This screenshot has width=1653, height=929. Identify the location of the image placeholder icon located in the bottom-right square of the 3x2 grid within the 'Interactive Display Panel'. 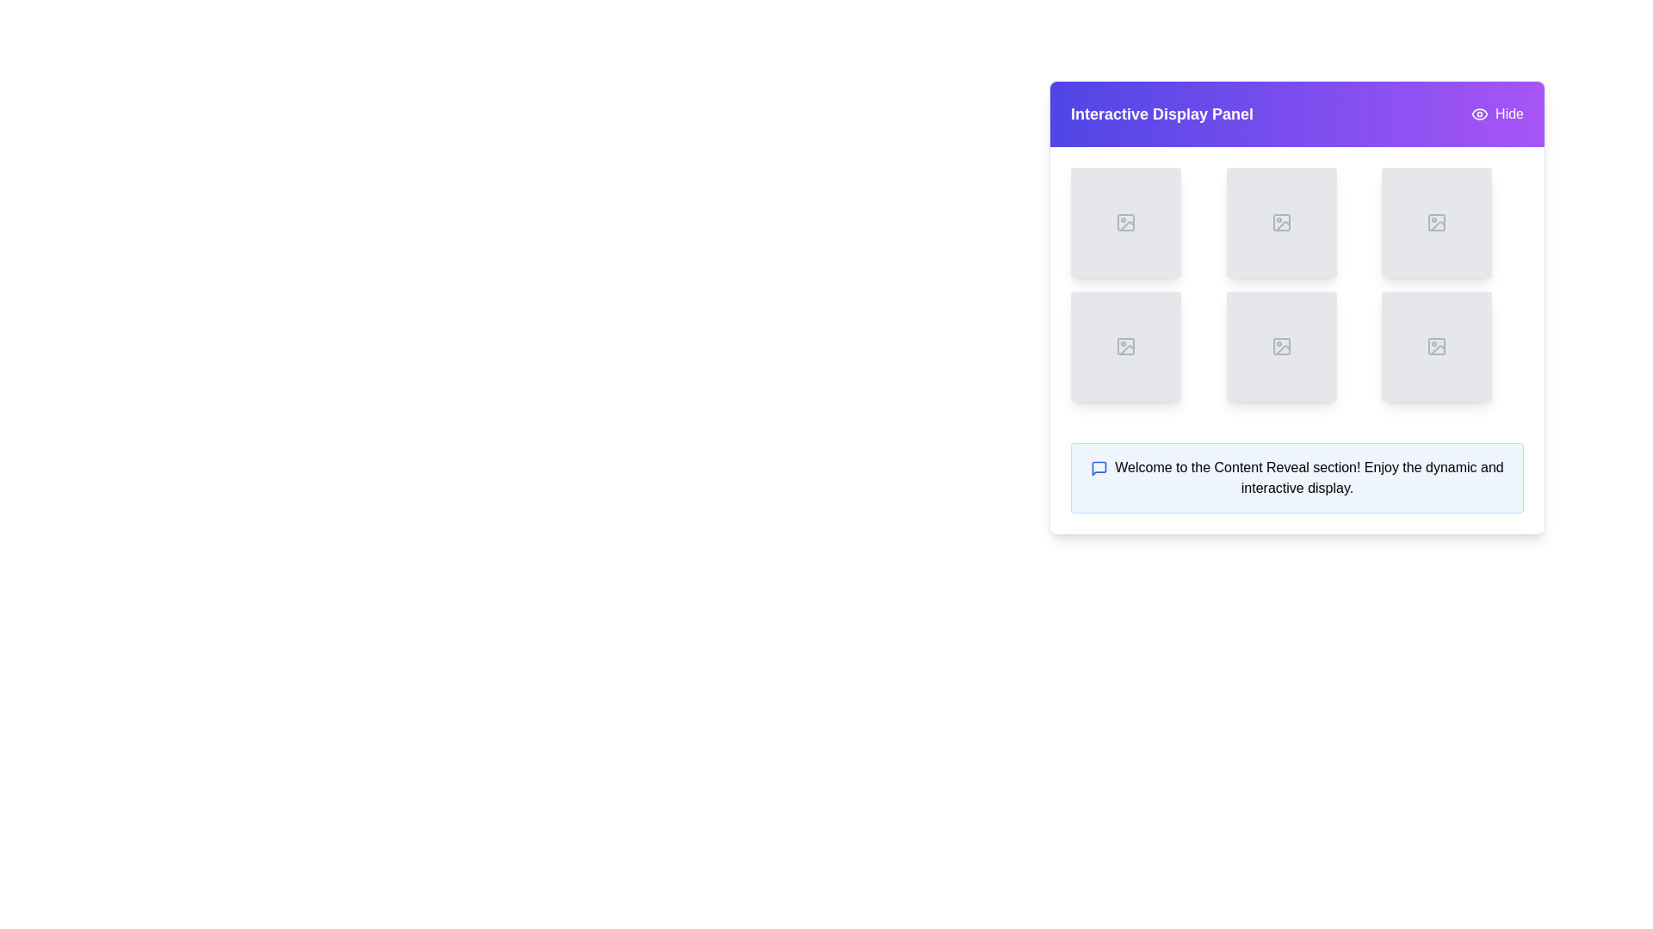
(1437, 346).